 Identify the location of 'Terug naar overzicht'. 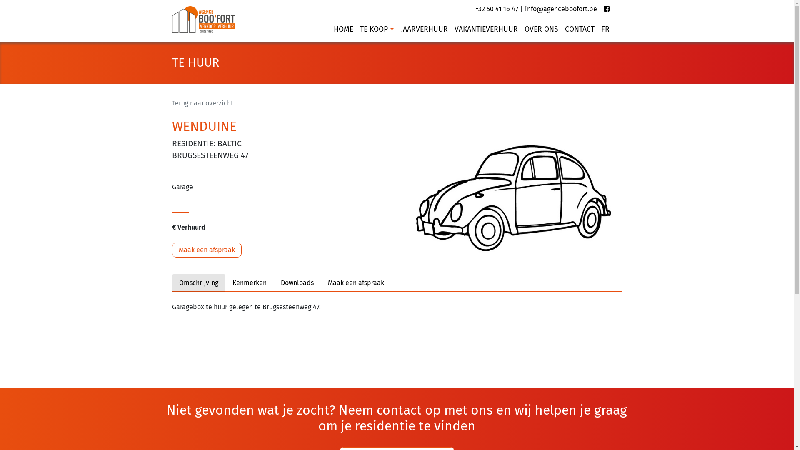
(202, 102).